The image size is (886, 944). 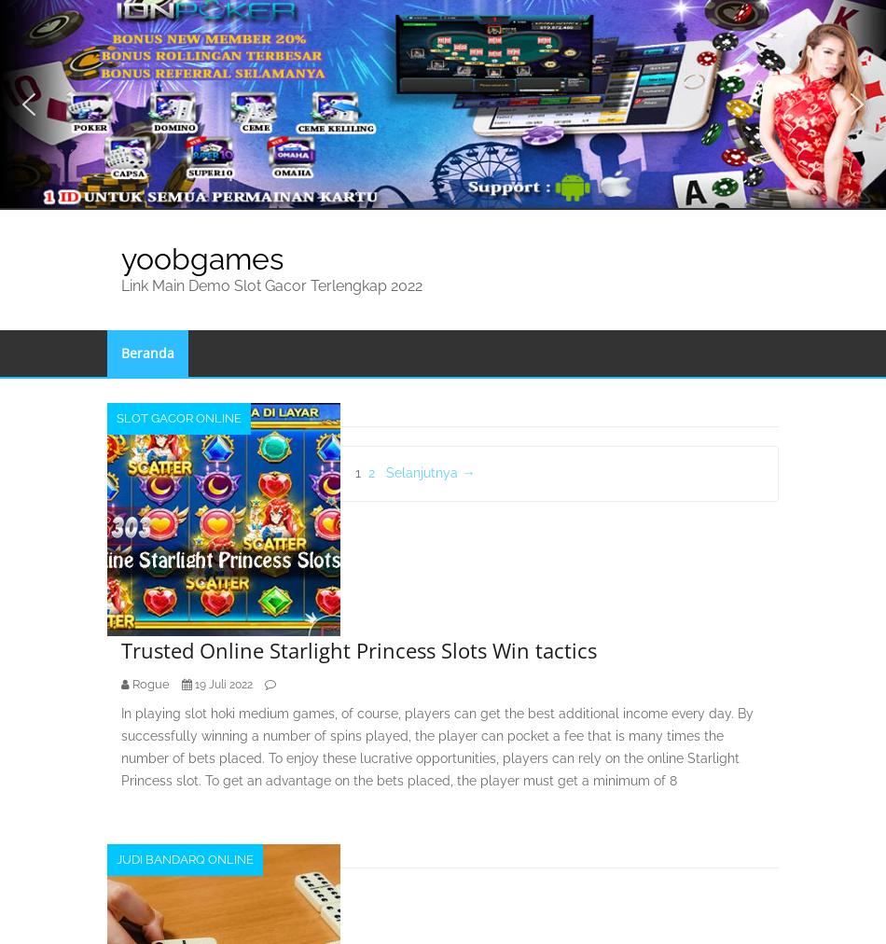 I want to click on 'Selanjutnya →', so click(x=429, y=472).